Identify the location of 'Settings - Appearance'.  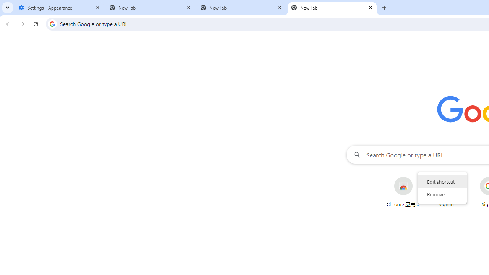
(59, 8).